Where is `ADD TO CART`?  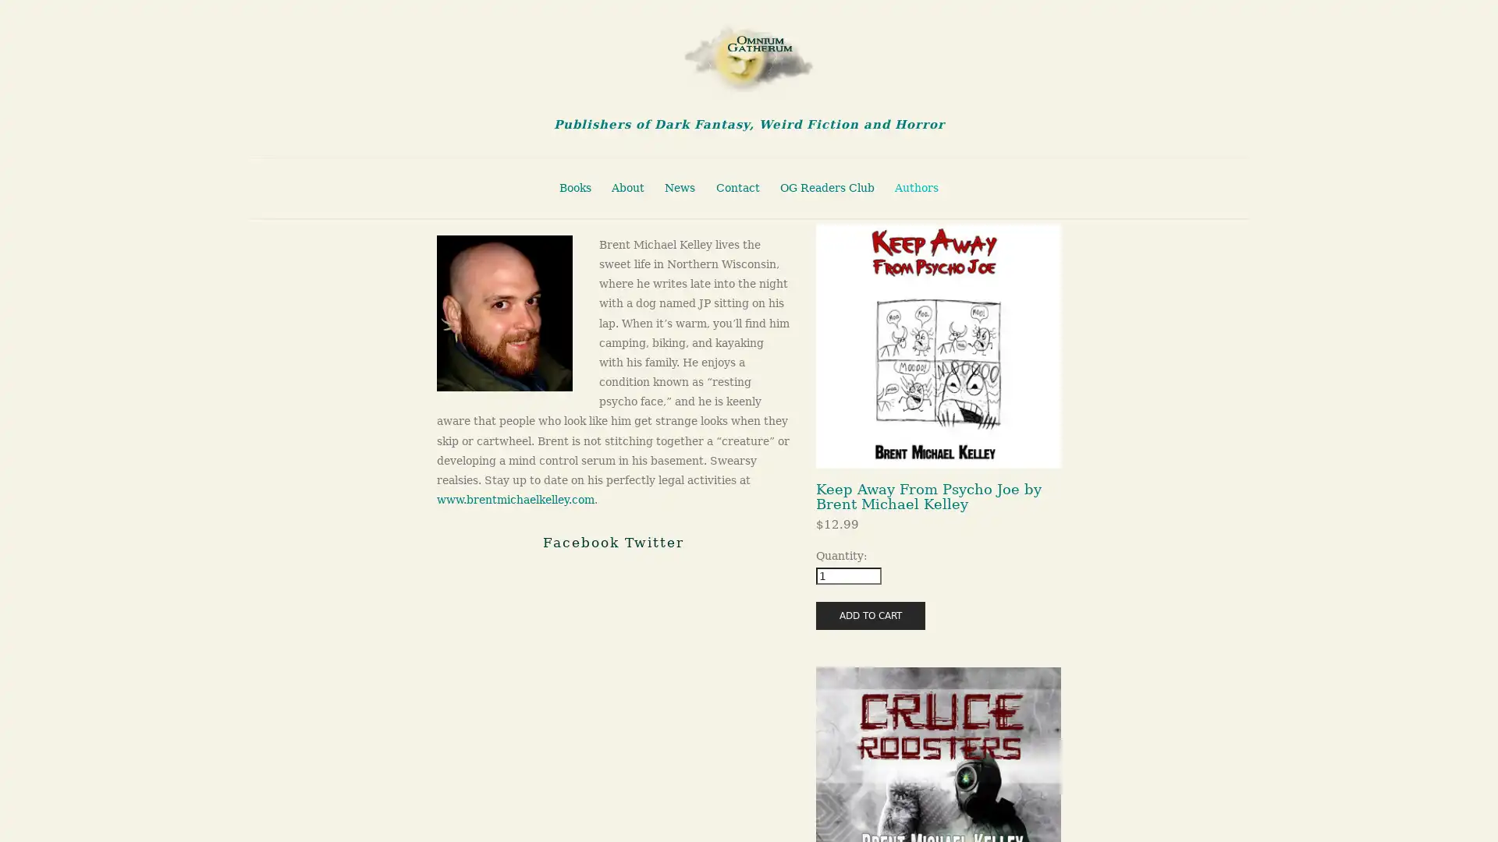
ADD TO CART is located at coordinates (870, 614).